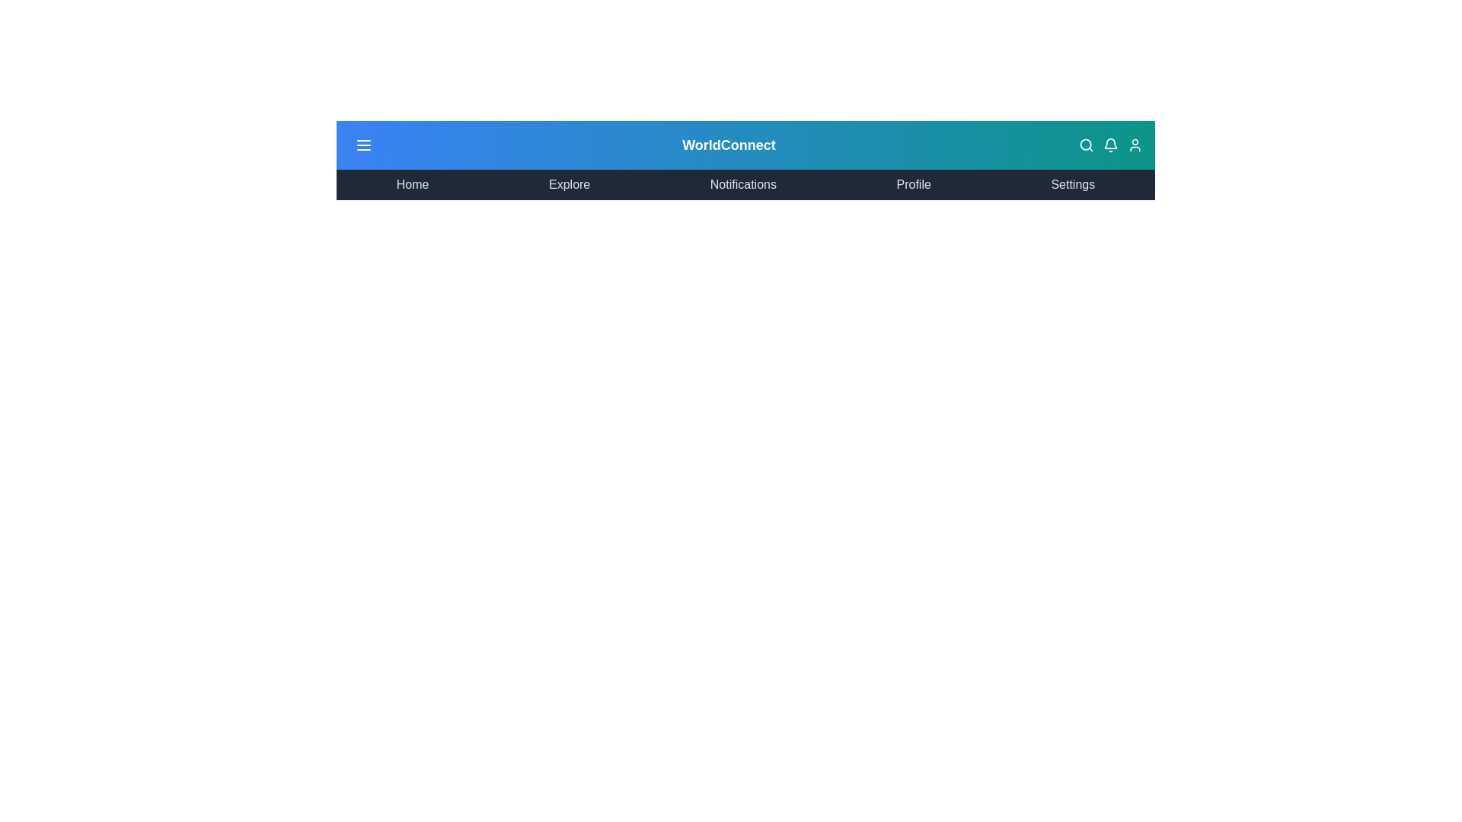 This screenshot has width=1462, height=822. I want to click on the menu item corresponding to Home, so click(413, 184).